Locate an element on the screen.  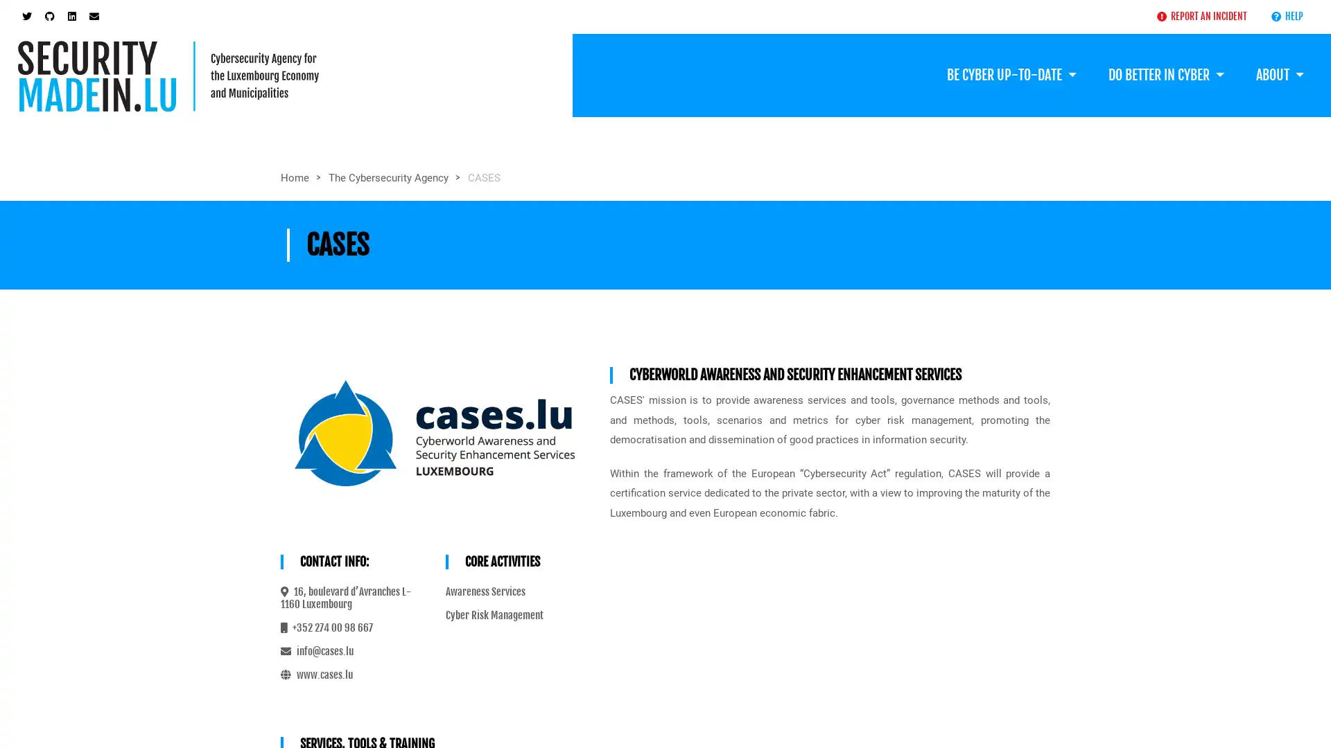
DO BETTER IN CYBER is located at coordinates (1165, 75).